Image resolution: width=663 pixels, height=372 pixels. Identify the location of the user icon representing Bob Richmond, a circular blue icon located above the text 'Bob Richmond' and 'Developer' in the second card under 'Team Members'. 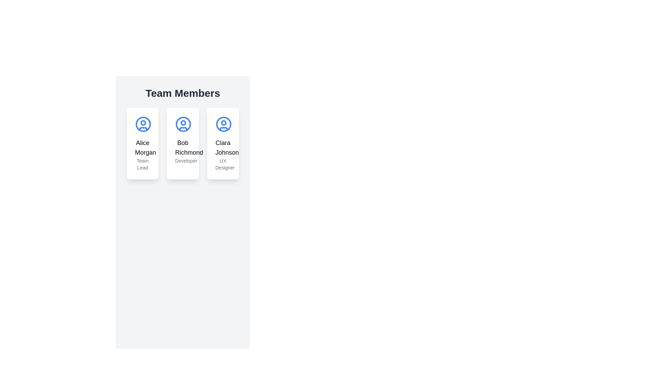
(183, 124).